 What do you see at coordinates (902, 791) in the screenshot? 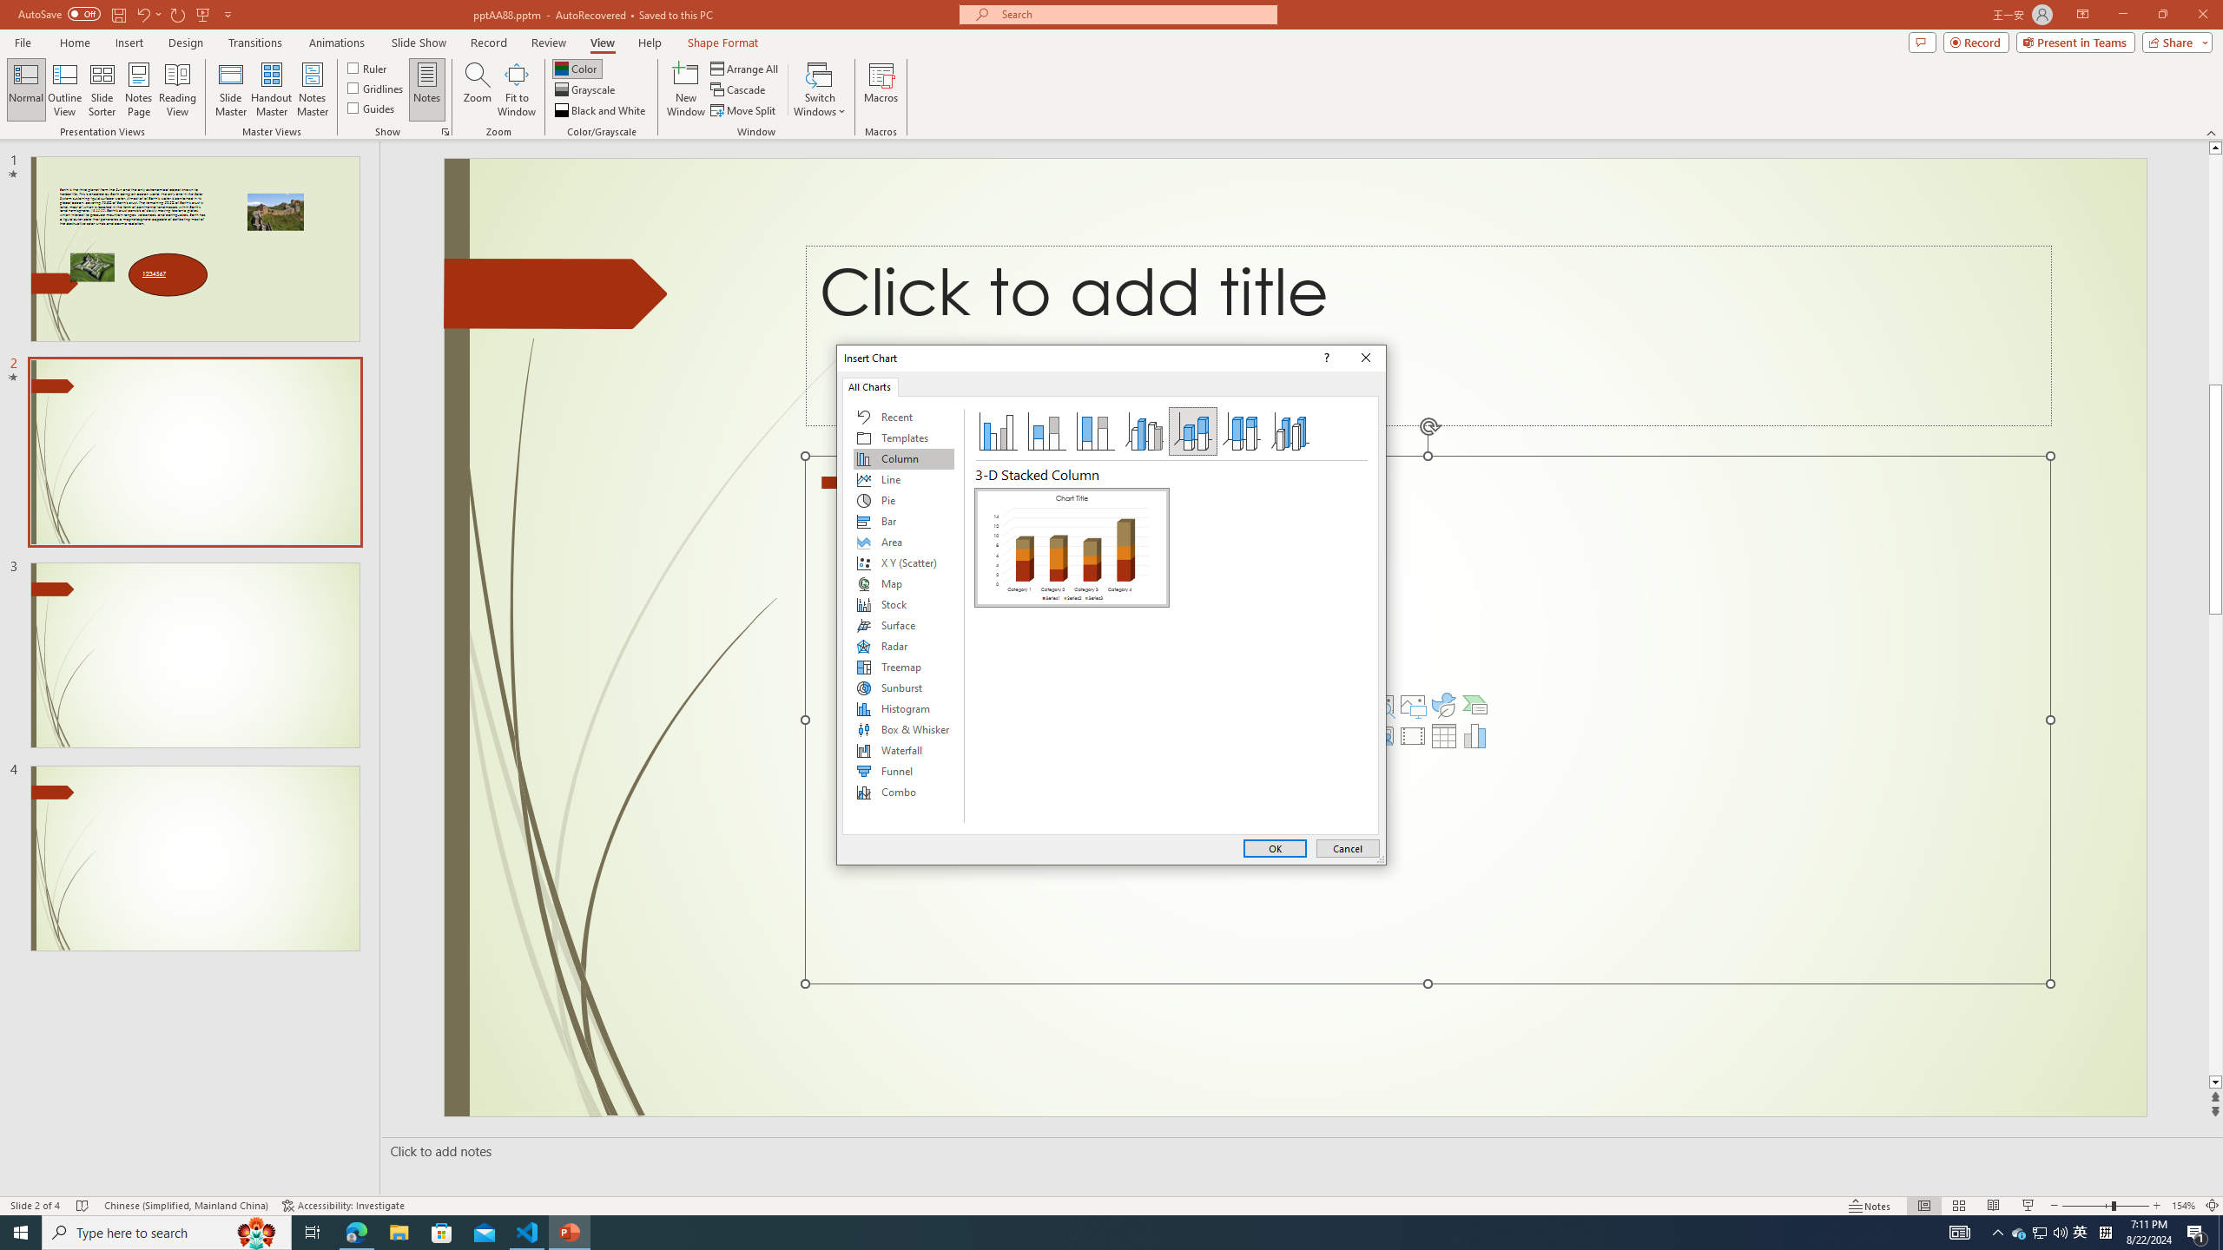
I see `'Combo'` at bounding box center [902, 791].